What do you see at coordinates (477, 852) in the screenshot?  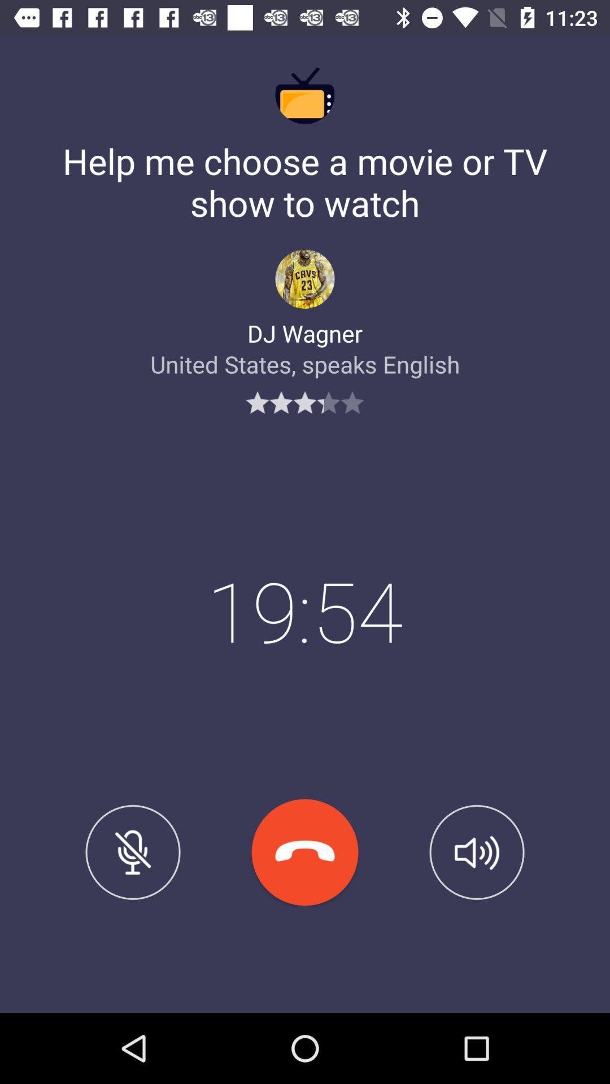 I see `volume button` at bounding box center [477, 852].